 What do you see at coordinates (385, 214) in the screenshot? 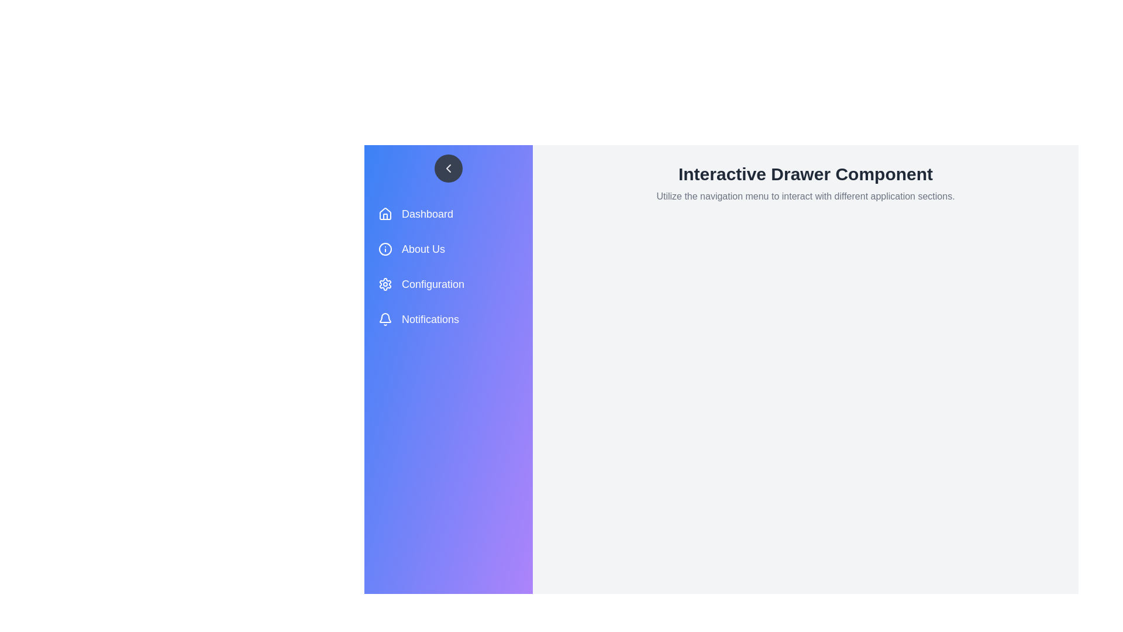
I see `the house icon at the top of the vertical navigation menu` at bounding box center [385, 214].